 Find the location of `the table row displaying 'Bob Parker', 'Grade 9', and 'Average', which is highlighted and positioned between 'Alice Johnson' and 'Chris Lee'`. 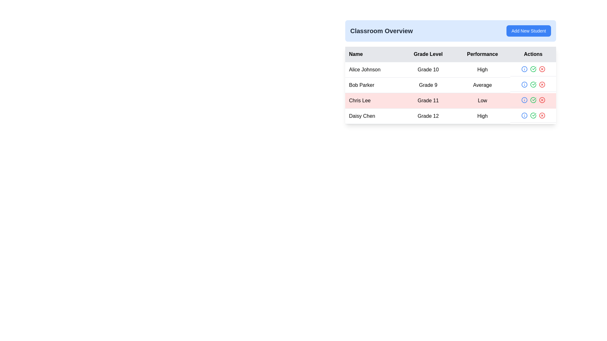

the table row displaying 'Bob Parker', 'Grade 9', and 'Average', which is highlighted and positioned between 'Alice Johnson' and 'Chris Lee' is located at coordinates (450, 85).